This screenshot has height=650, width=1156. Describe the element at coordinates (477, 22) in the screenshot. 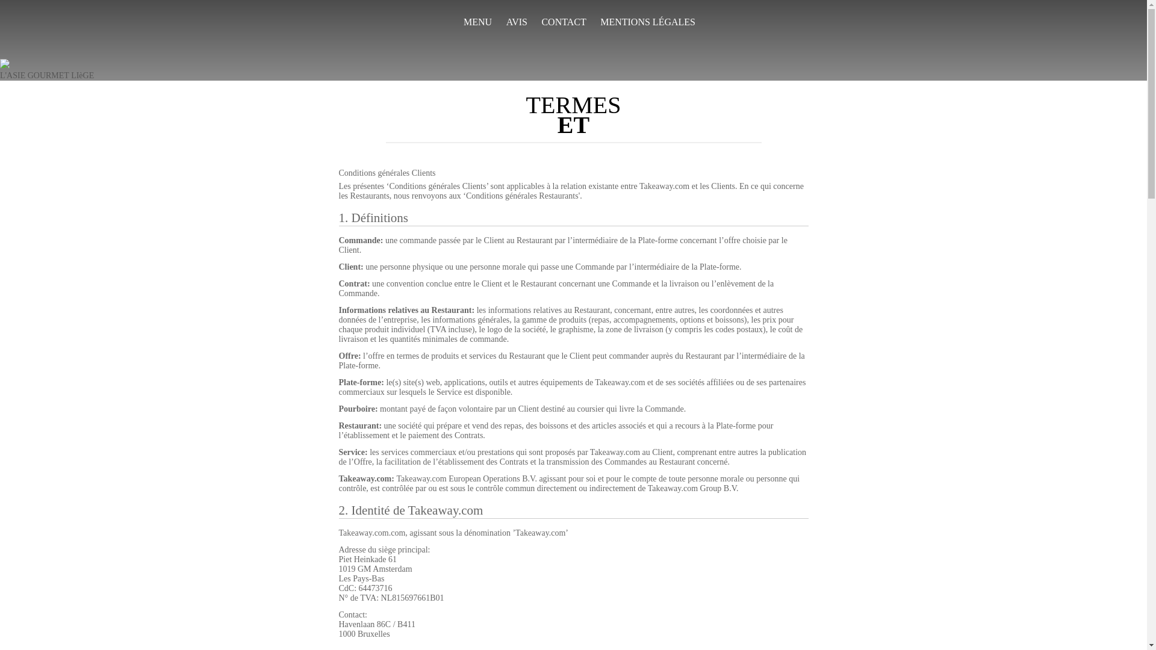

I see `'MENU'` at that location.